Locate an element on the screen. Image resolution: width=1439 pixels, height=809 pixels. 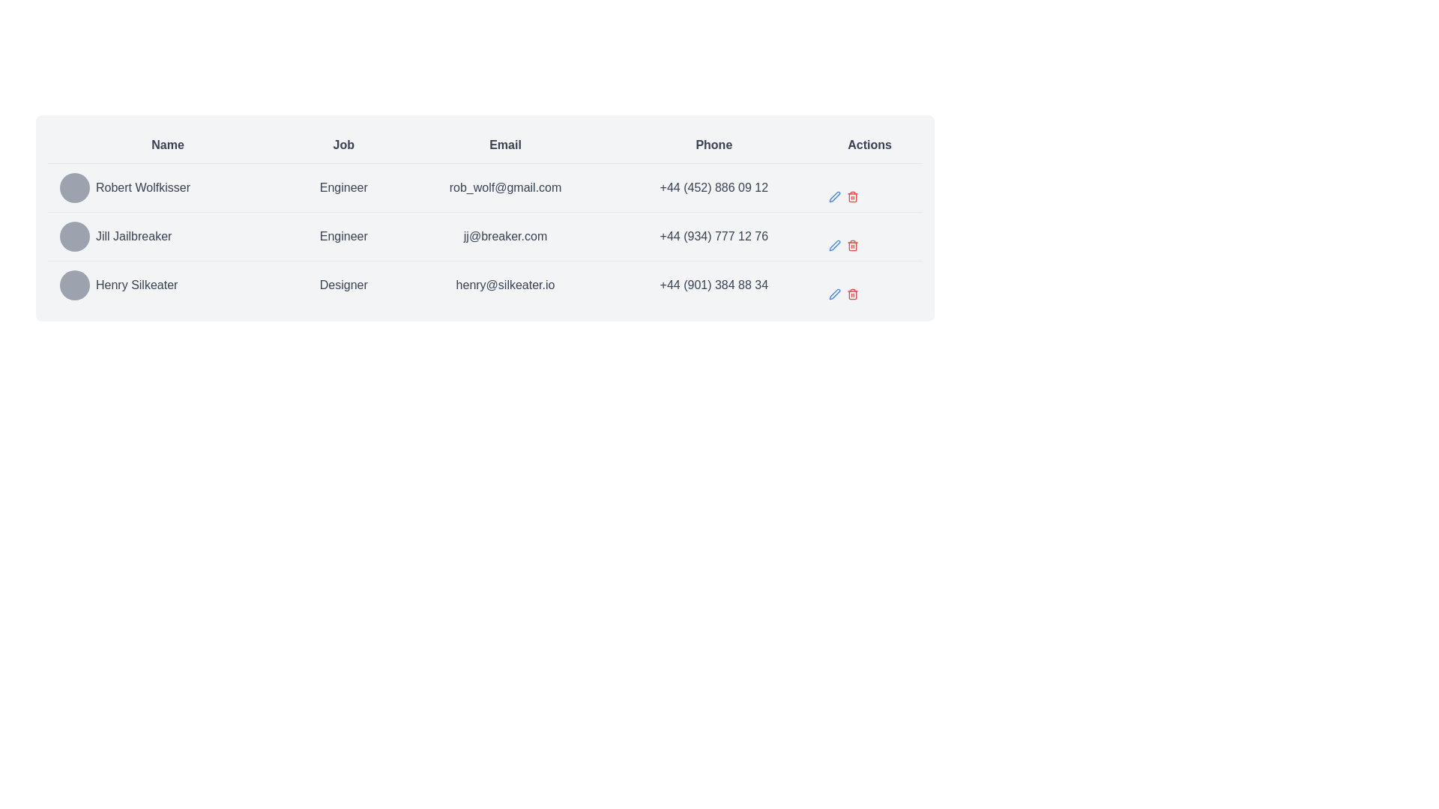
the label displaying 'Jill Jailbreaker' is located at coordinates (168, 236).